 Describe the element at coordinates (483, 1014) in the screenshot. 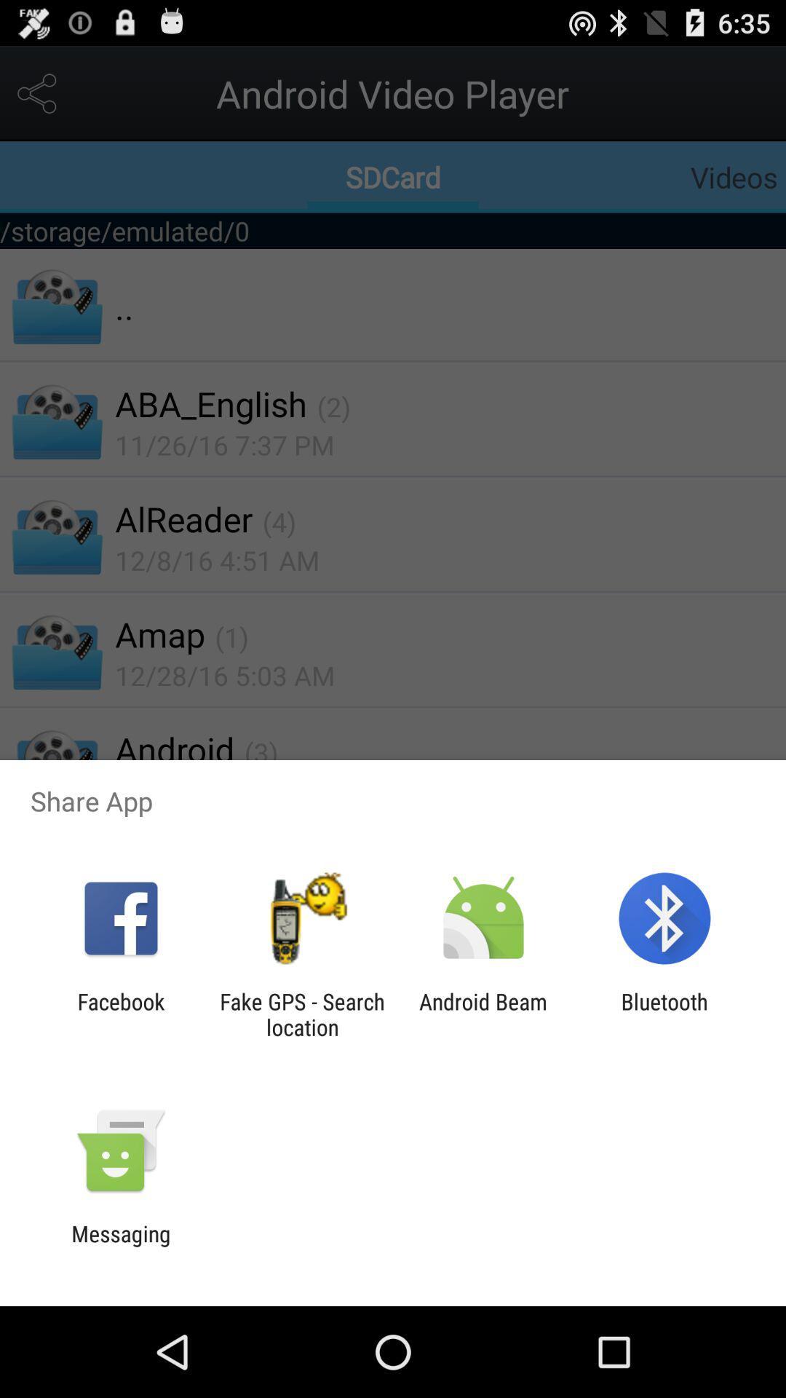

I see `the app to the right of fake gps search app` at that location.